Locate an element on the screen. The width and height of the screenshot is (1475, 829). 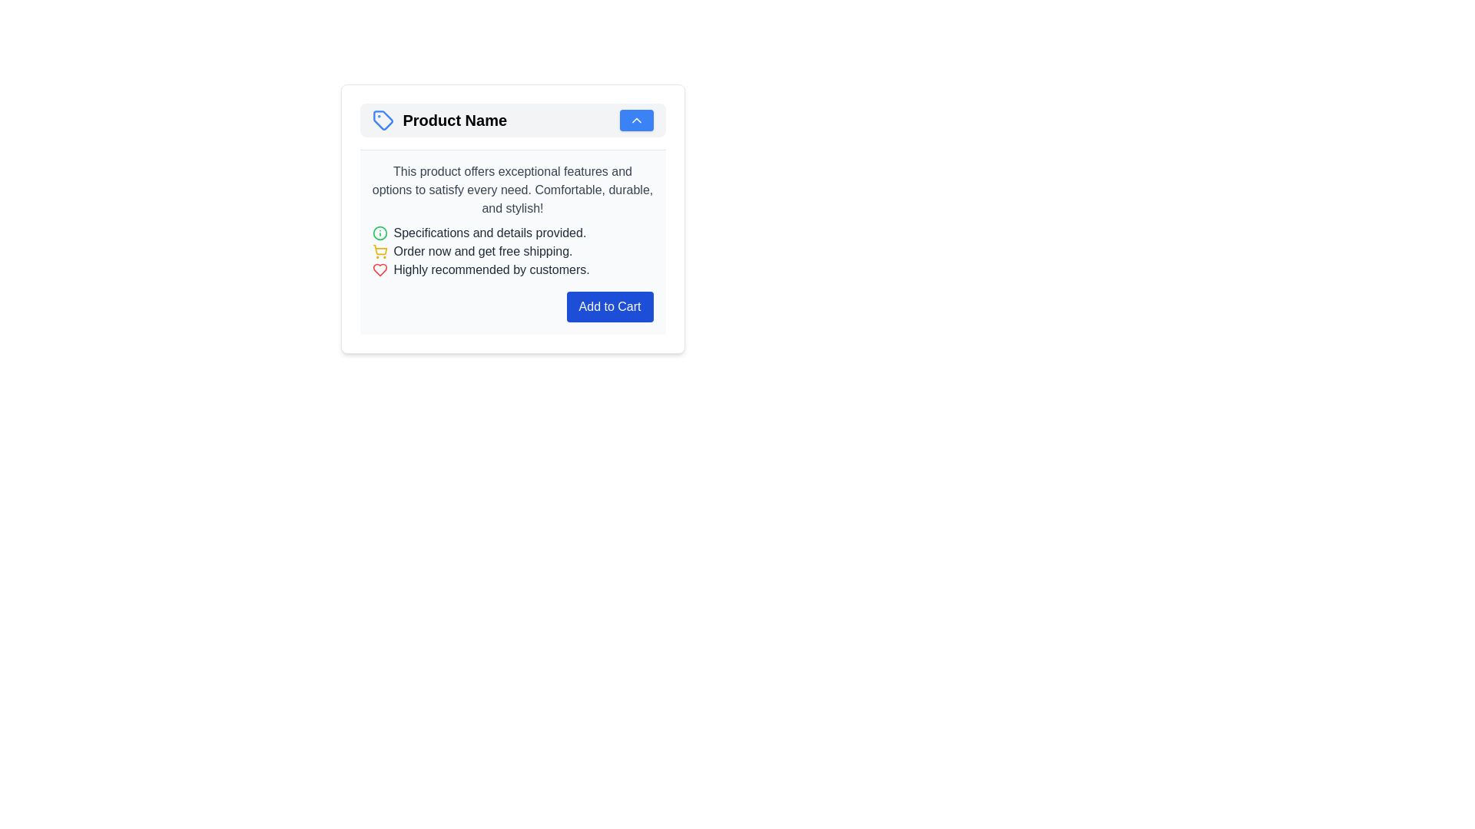
the heart-shaped 'like' icon located is located at coordinates (380, 269).